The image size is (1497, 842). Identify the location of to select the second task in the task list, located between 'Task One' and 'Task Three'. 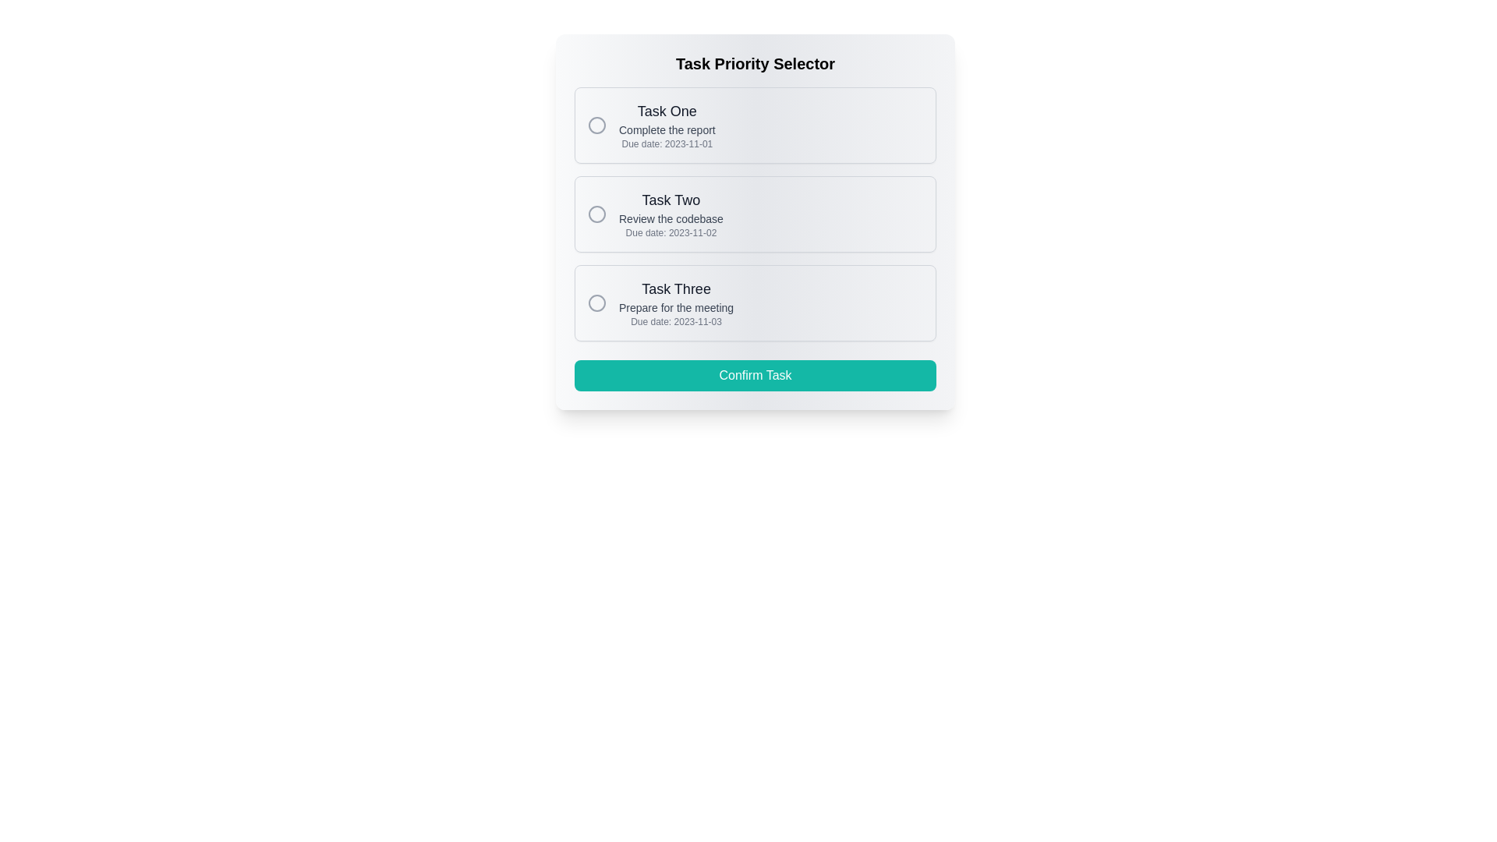
(756, 214).